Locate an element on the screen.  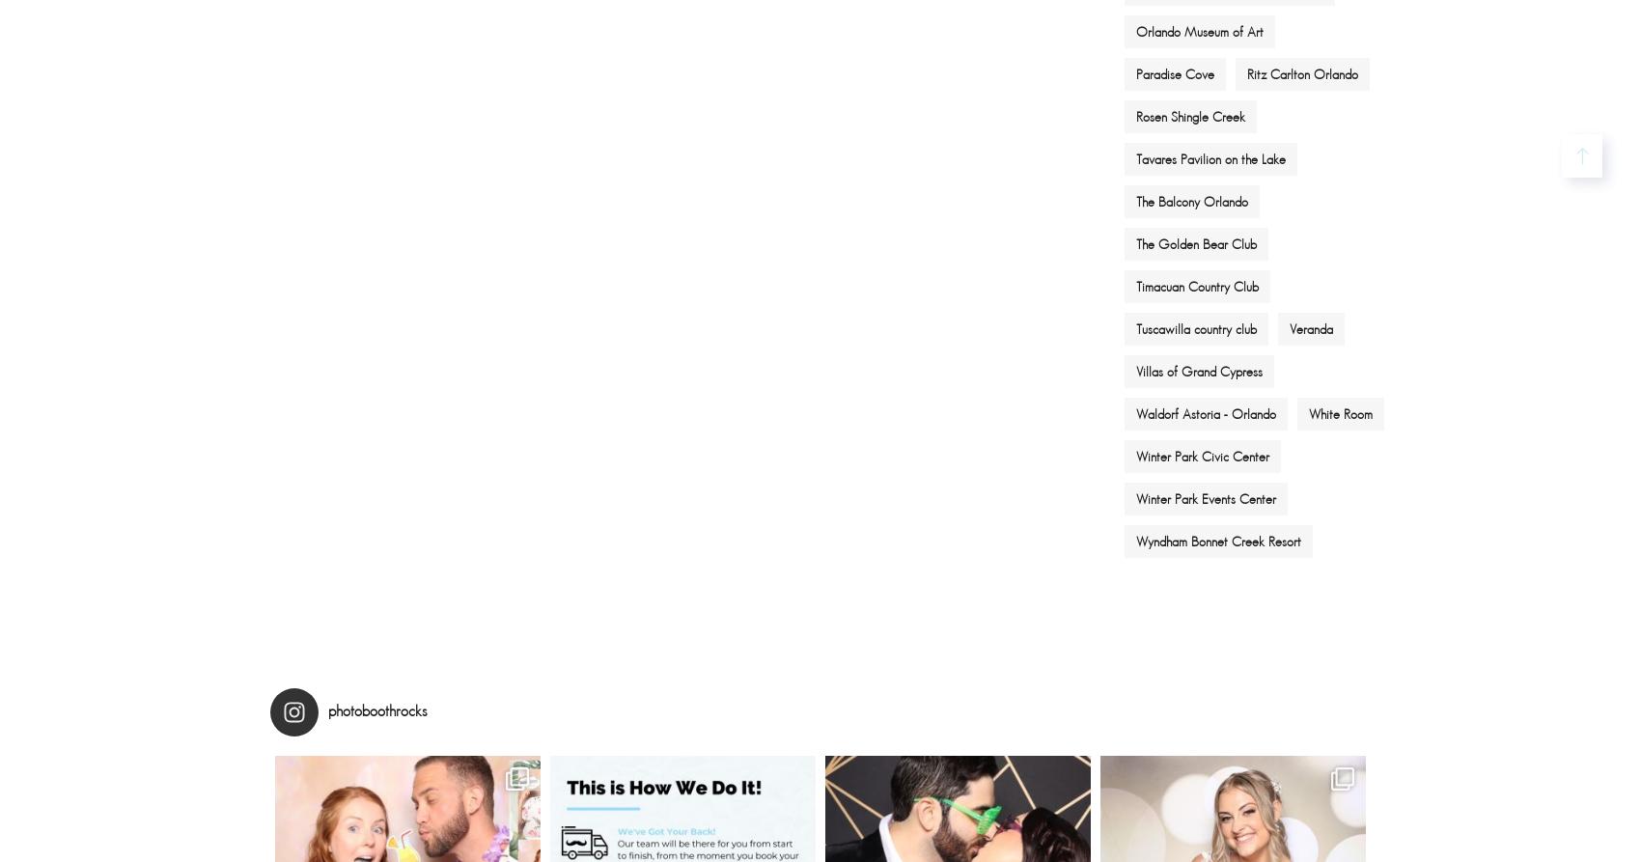
'photoboothrocks' is located at coordinates (376, 709).